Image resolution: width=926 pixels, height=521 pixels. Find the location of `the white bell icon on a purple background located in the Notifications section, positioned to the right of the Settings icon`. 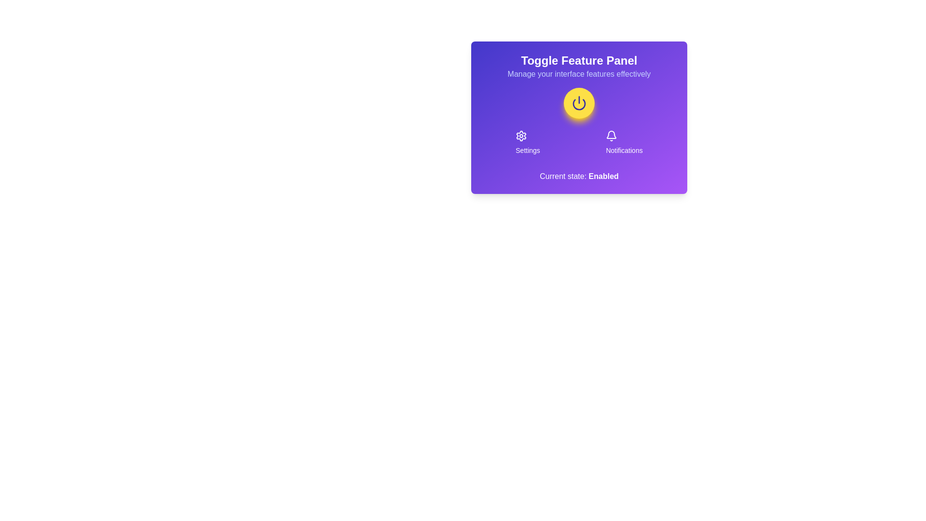

the white bell icon on a purple background located in the Notifications section, positioned to the right of the Settings icon is located at coordinates (611, 136).